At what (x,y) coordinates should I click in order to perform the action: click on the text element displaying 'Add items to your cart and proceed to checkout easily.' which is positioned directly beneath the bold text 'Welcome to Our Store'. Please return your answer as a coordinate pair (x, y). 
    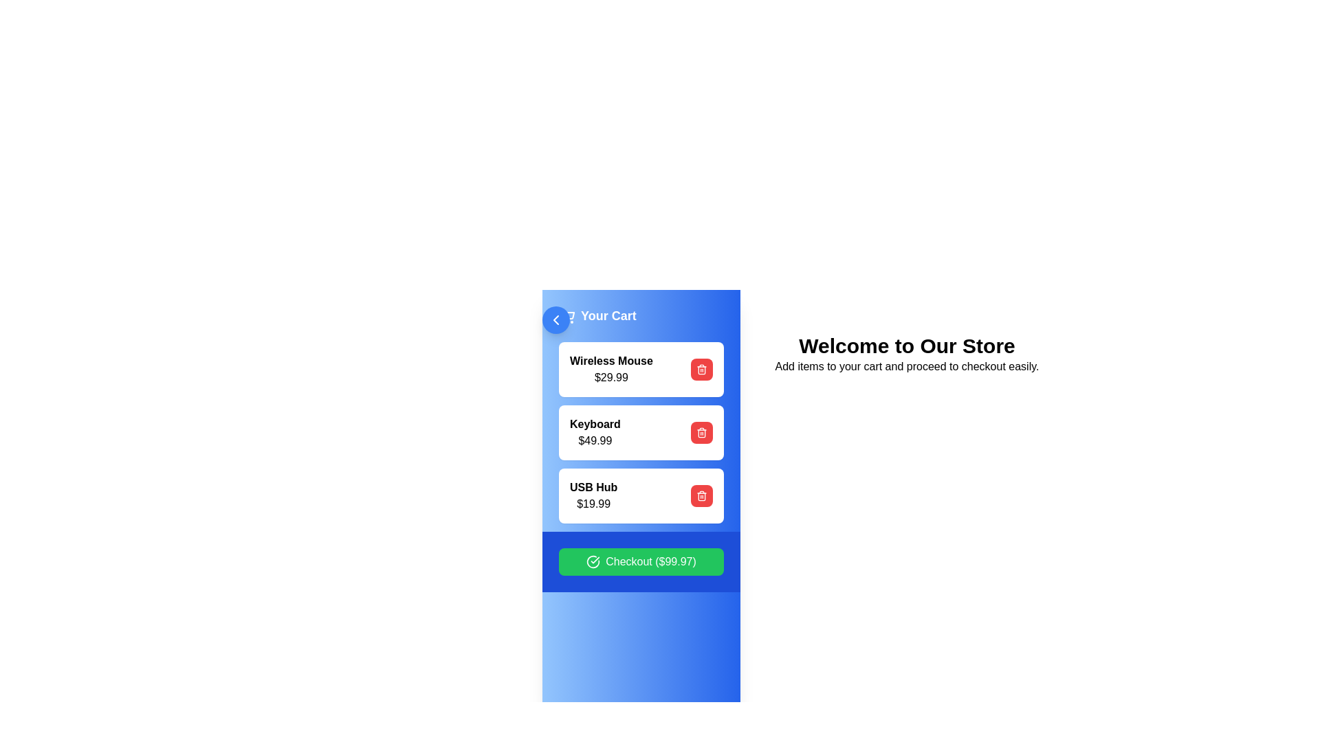
    Looking at the image, I should click on (907, 366).